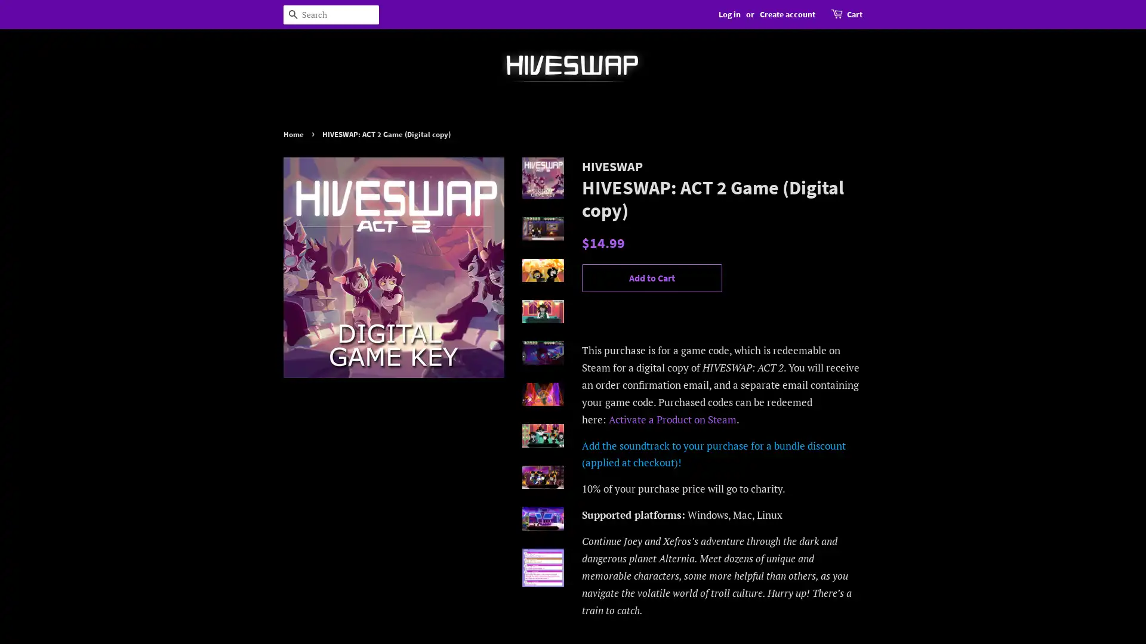  Describe the element at coordinates (651, 278) in the screenshot. I see `Add to Cart` at that location.